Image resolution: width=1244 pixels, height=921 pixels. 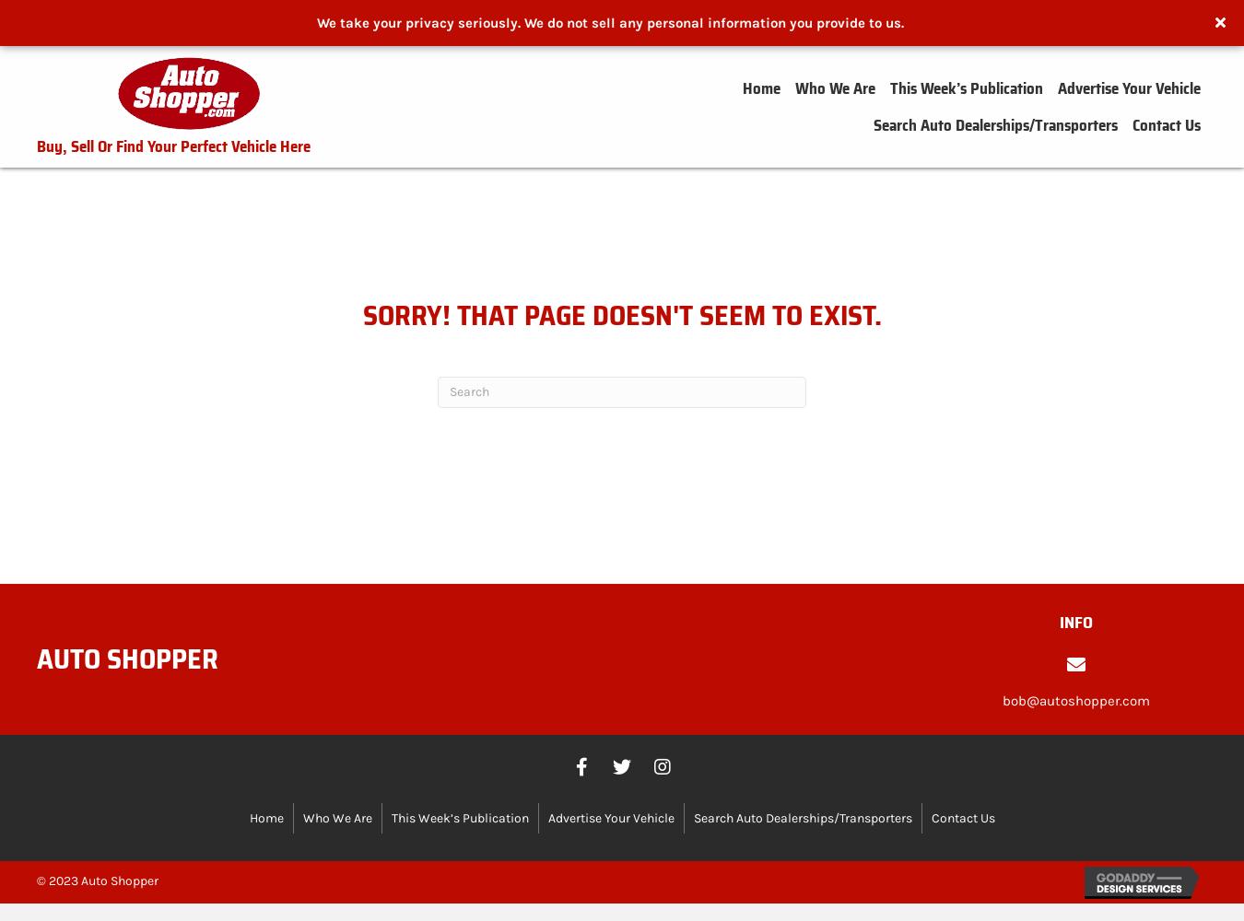 What do you see at coordinates (96, 879) in the screenshot?
I see `'© 2023 Auto Shopper'` at bounding box center [96, 879].